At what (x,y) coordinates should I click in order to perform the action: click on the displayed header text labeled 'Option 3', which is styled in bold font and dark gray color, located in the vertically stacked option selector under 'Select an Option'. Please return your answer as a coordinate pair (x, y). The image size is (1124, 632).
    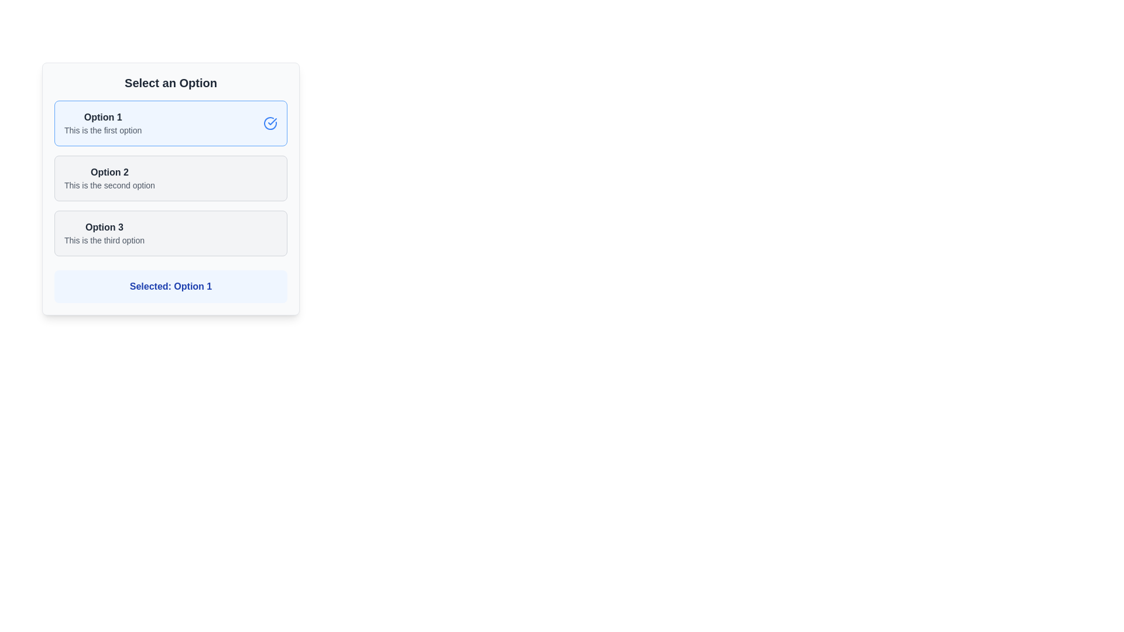
    Looking at the image, I should click on (104, 228).